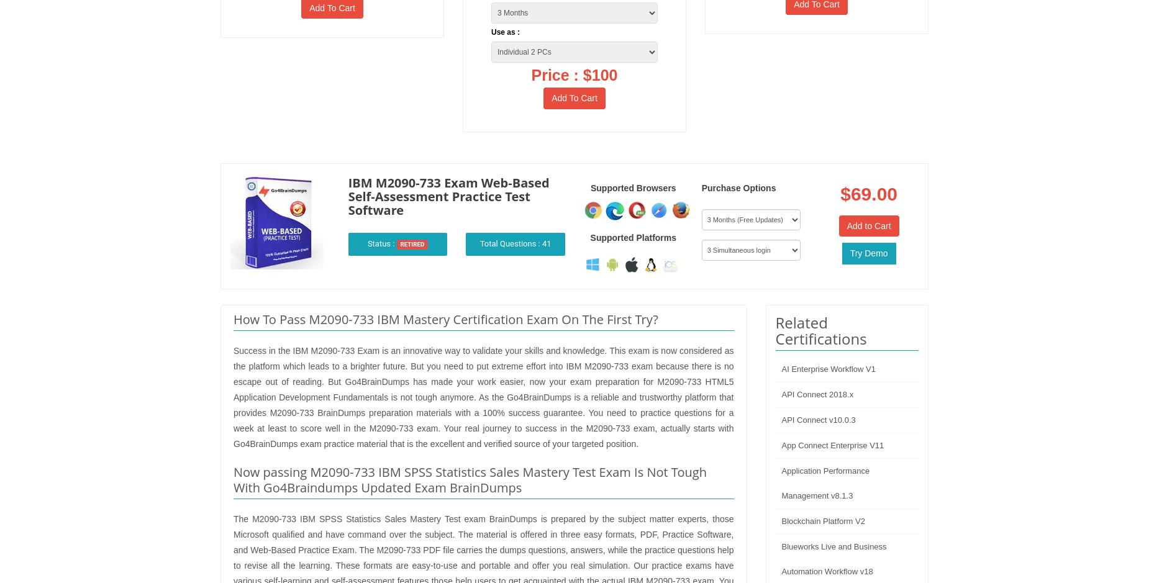 The height and width of the screenshot is (583, 1149). Describe the element at coordinates (232, 319) in the screenshot. I see `'How To Pass M2090-733 IBM Mastery Certification Exam On The First Try?'` at that location.